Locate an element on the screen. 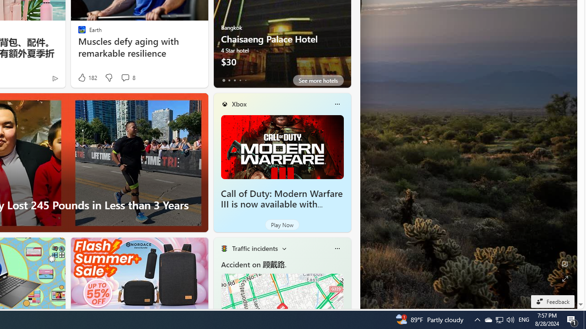  'Feedback' is located at coordinates (552, 301).